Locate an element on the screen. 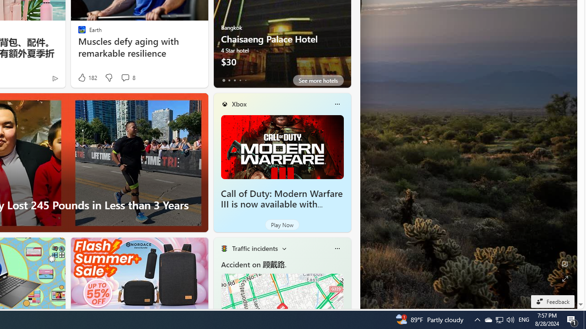  'Feedback' is located at coordinates (552, 301).